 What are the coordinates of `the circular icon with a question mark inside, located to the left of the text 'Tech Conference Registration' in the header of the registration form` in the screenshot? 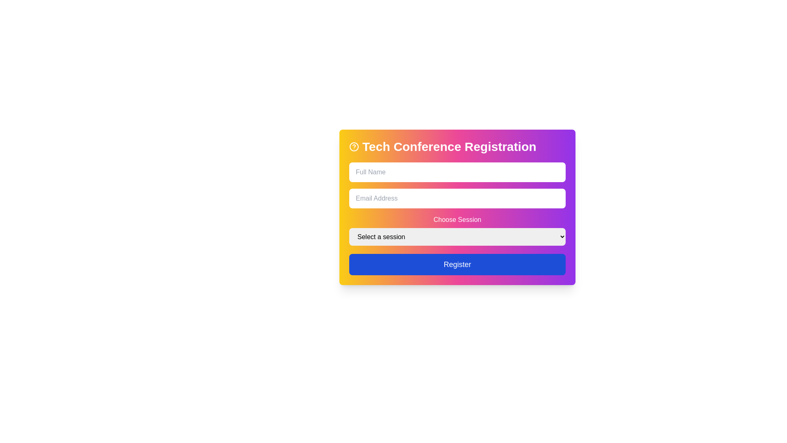 It's located at (354, 146).